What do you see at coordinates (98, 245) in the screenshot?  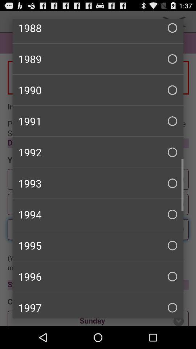 I see `the 1995 icon` at bounding box center [98, 245].